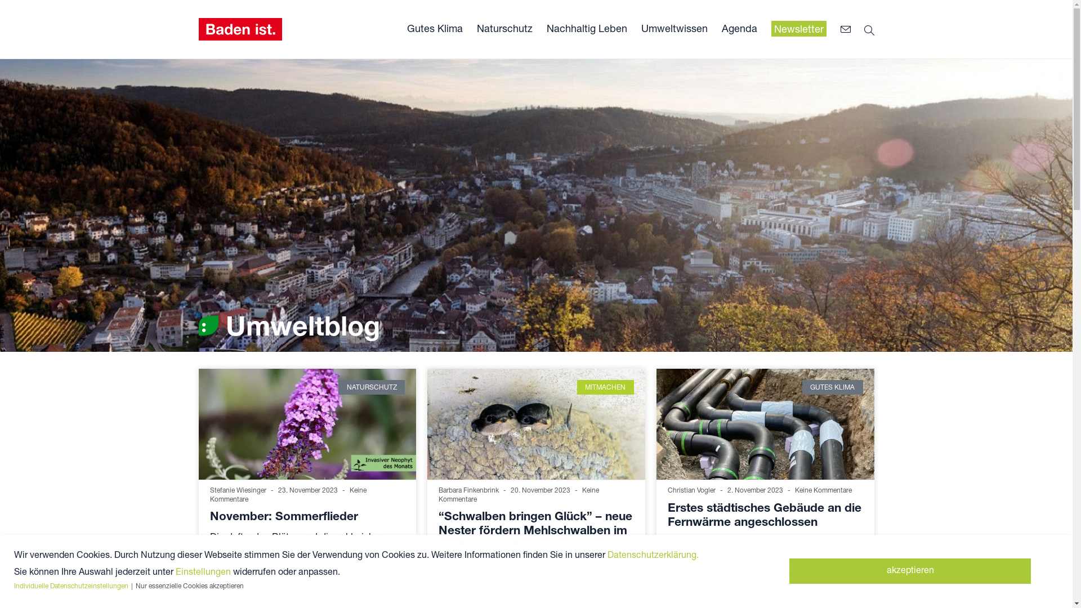  Describe the element at coordinates (586, 28) in the screenshot. I see `'Nachhaltig Leben'` at that location.